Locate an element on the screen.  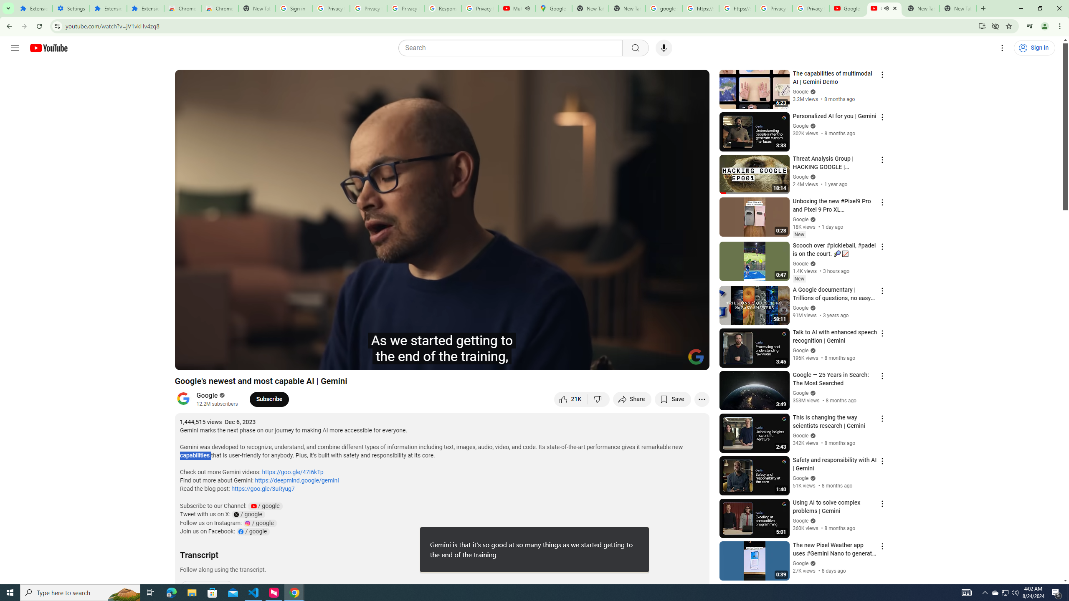
'https://scholar.google.com/' is located at coordinates (737, 8).